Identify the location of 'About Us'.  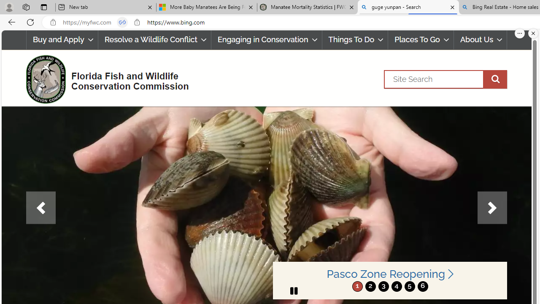
(480, 40).